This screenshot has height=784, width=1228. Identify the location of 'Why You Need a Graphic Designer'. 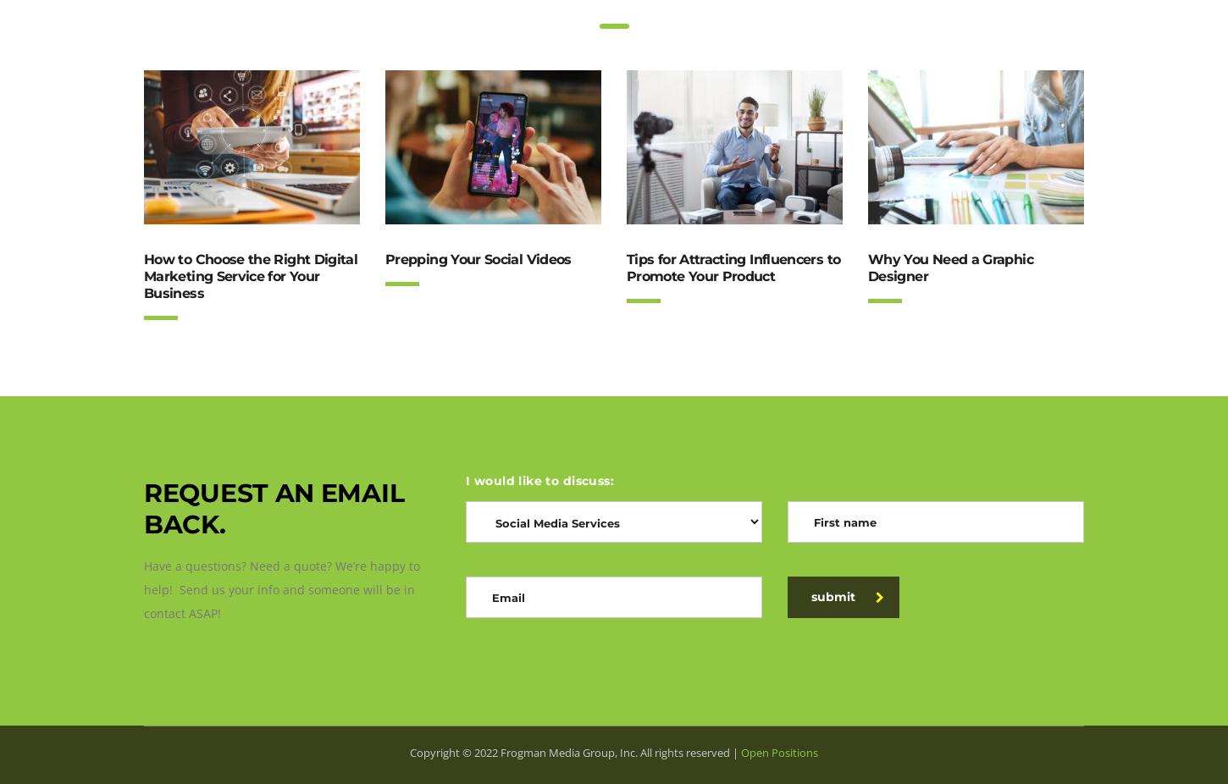
(868, 268).